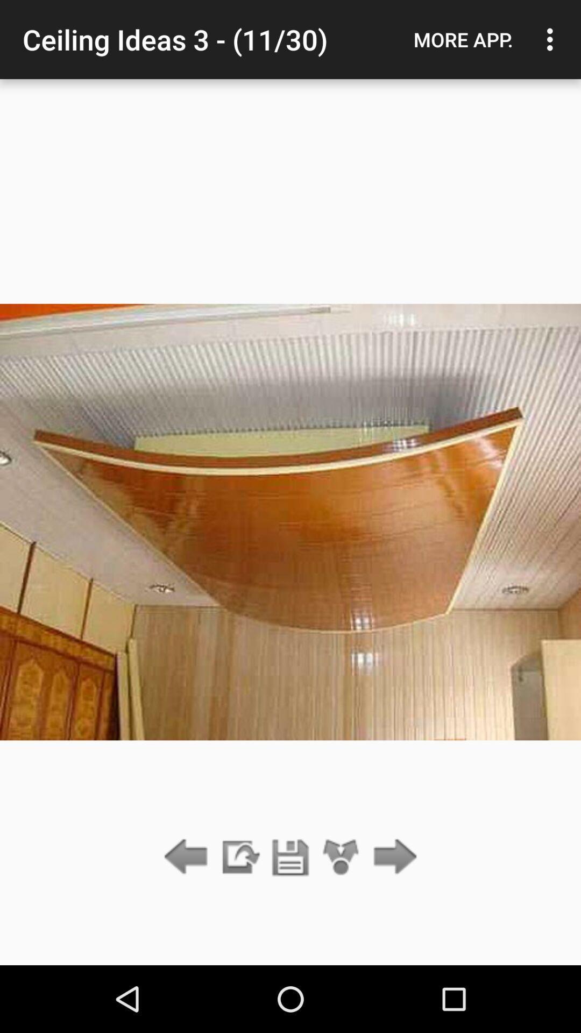 The image size is (581, 1033). What do you see at coordinates (341, 857) in the screenshot?
I see `icon below the ceiling ideas 3 app` at bounding box center [341, 857].